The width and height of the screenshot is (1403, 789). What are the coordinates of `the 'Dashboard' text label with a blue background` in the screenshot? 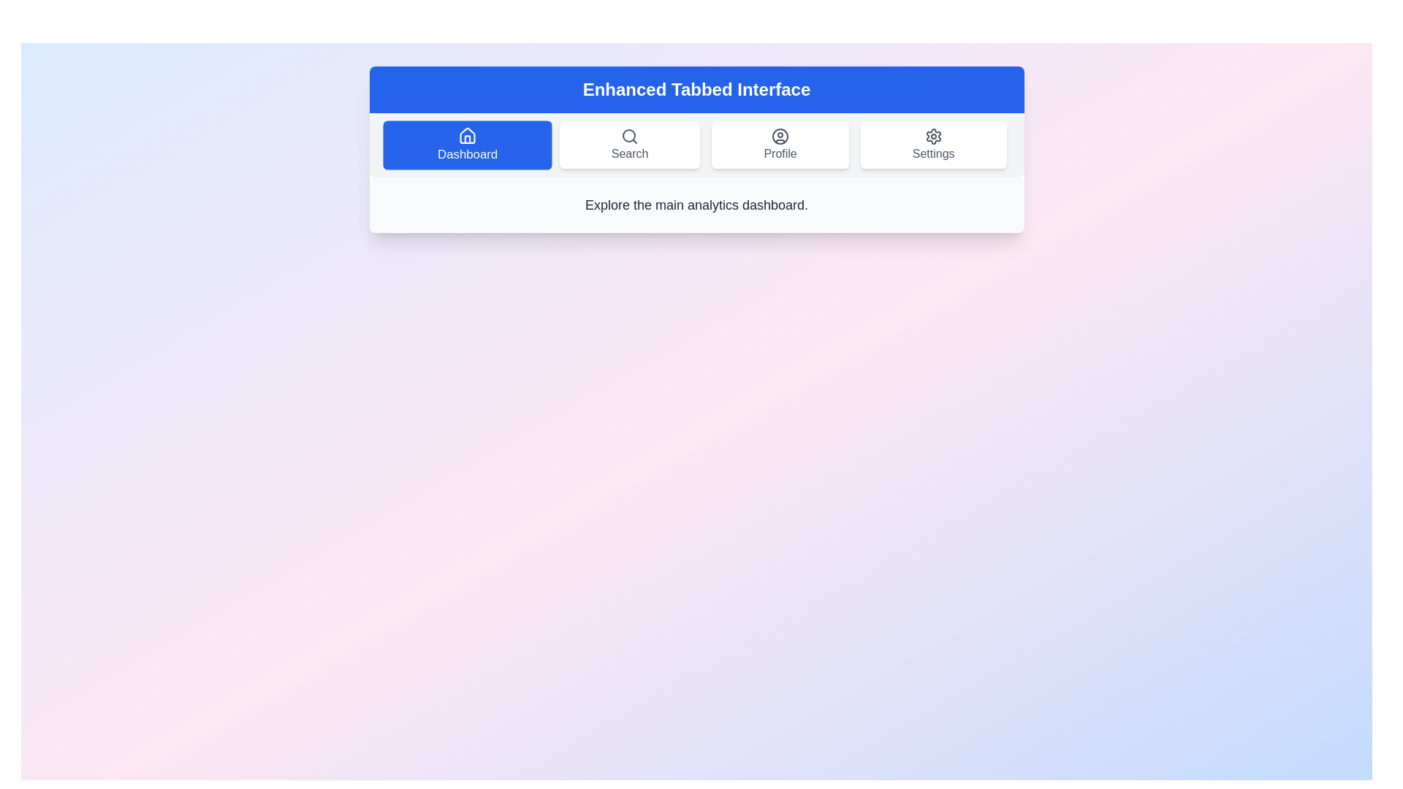 It's located at (466, 154).